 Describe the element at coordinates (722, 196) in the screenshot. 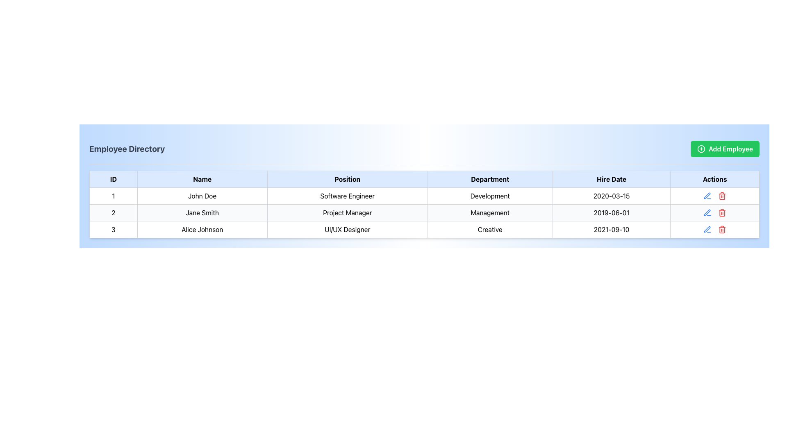

I see `the delete button located at the rightmost side within the 'Actions' column of the third row in the 'Employee Directory' table` at that location.